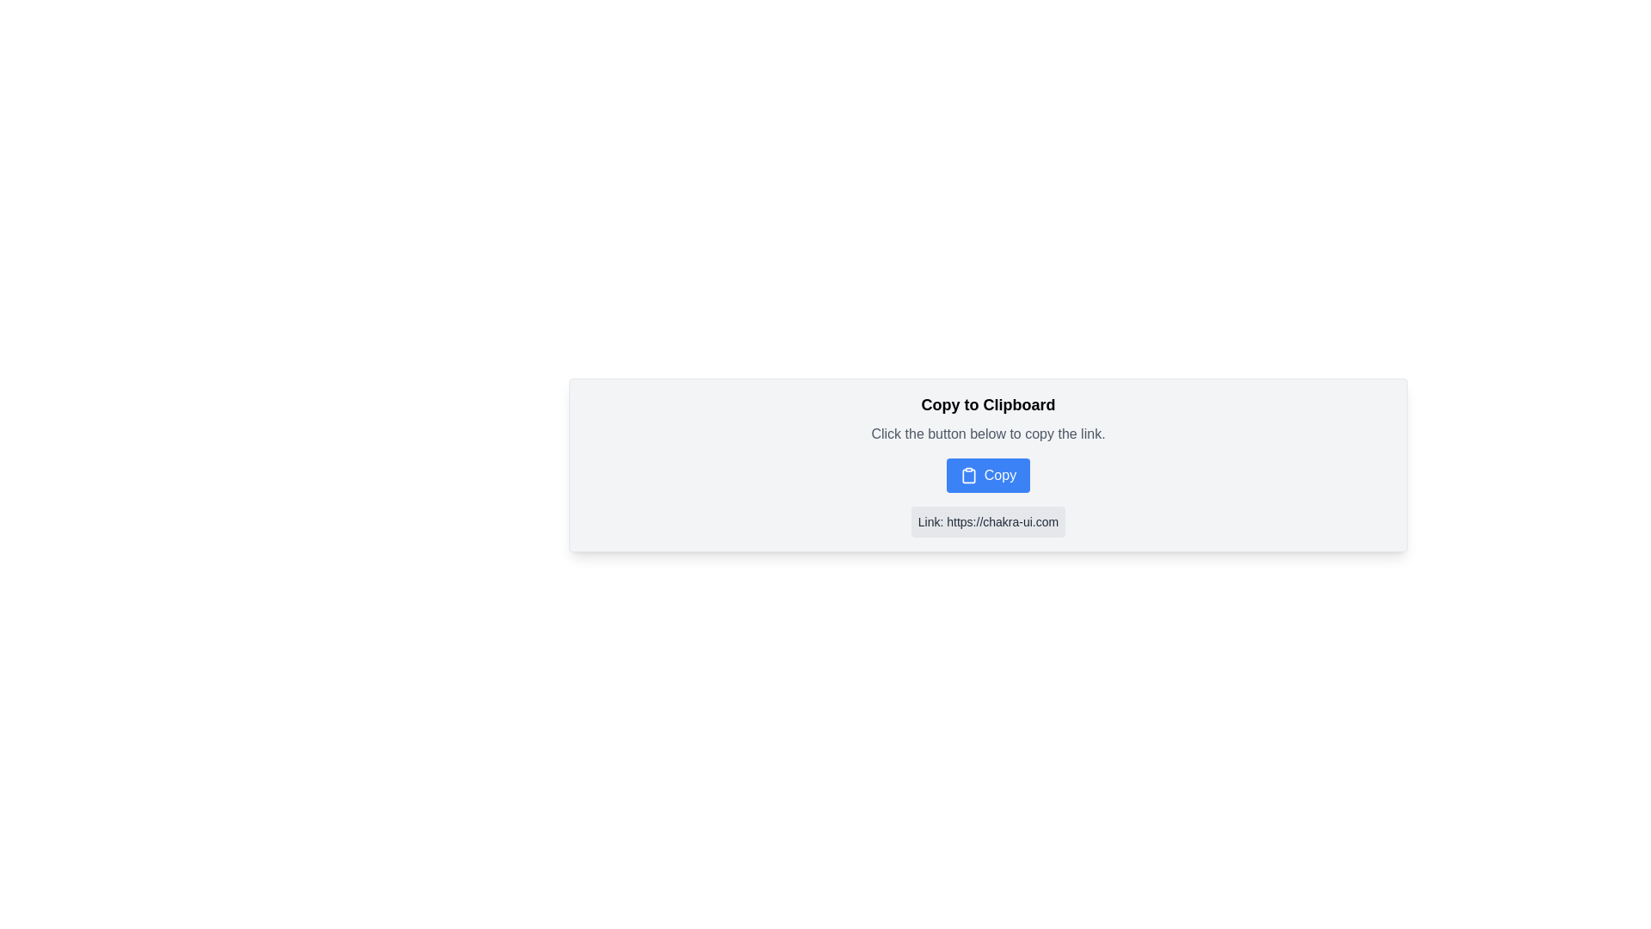  What do you see at coordinates (988, 520) in the screenshot?
I see `the clickable hyperlink text block that redirects to the Chakra UI website` at bounding box center [988, 520].